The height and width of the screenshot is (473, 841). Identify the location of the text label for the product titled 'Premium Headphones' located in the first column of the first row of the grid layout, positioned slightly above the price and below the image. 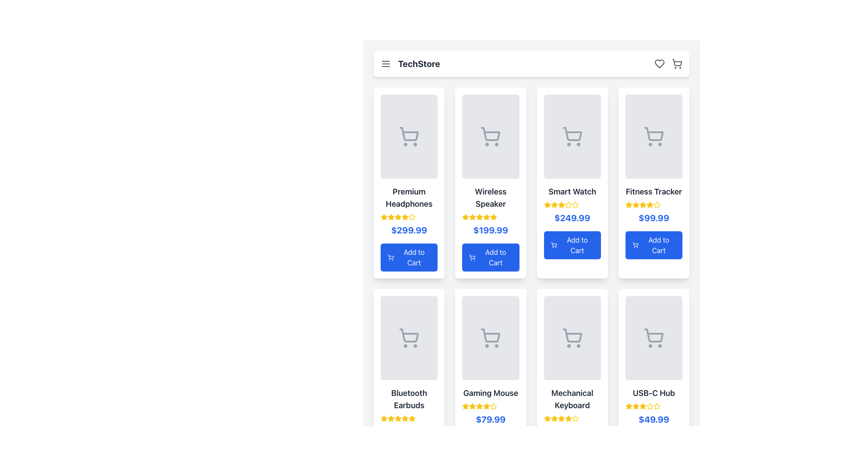
(409, 198).